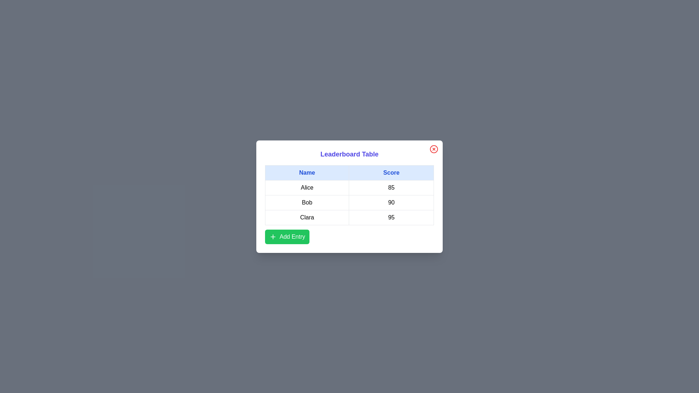 This screenshot has height=393, width=699. Describe the element at coordinates (307, 217) in the screenshot. I see `the text in the cell containing Clara` at that location.